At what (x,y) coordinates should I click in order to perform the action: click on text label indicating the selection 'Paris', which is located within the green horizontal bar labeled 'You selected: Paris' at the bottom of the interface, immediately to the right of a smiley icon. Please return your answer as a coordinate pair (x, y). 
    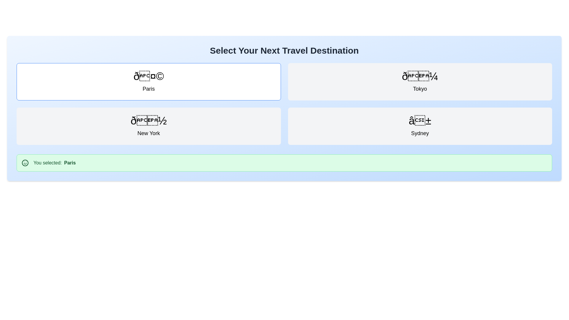
    Looking at the image, I should click on (70, 163).